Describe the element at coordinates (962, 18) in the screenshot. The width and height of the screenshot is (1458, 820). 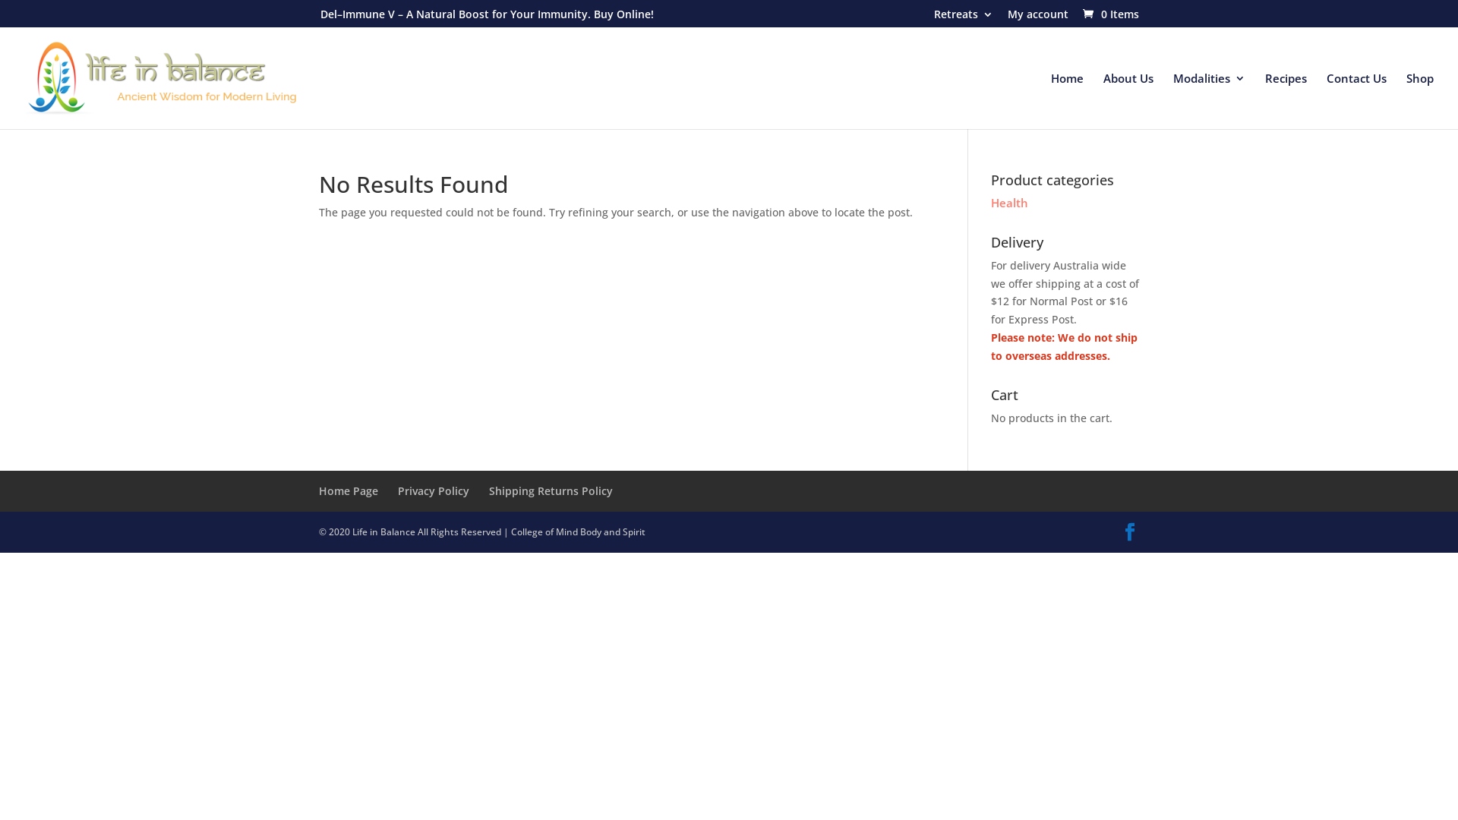
I see `'Retreats'` at that location.